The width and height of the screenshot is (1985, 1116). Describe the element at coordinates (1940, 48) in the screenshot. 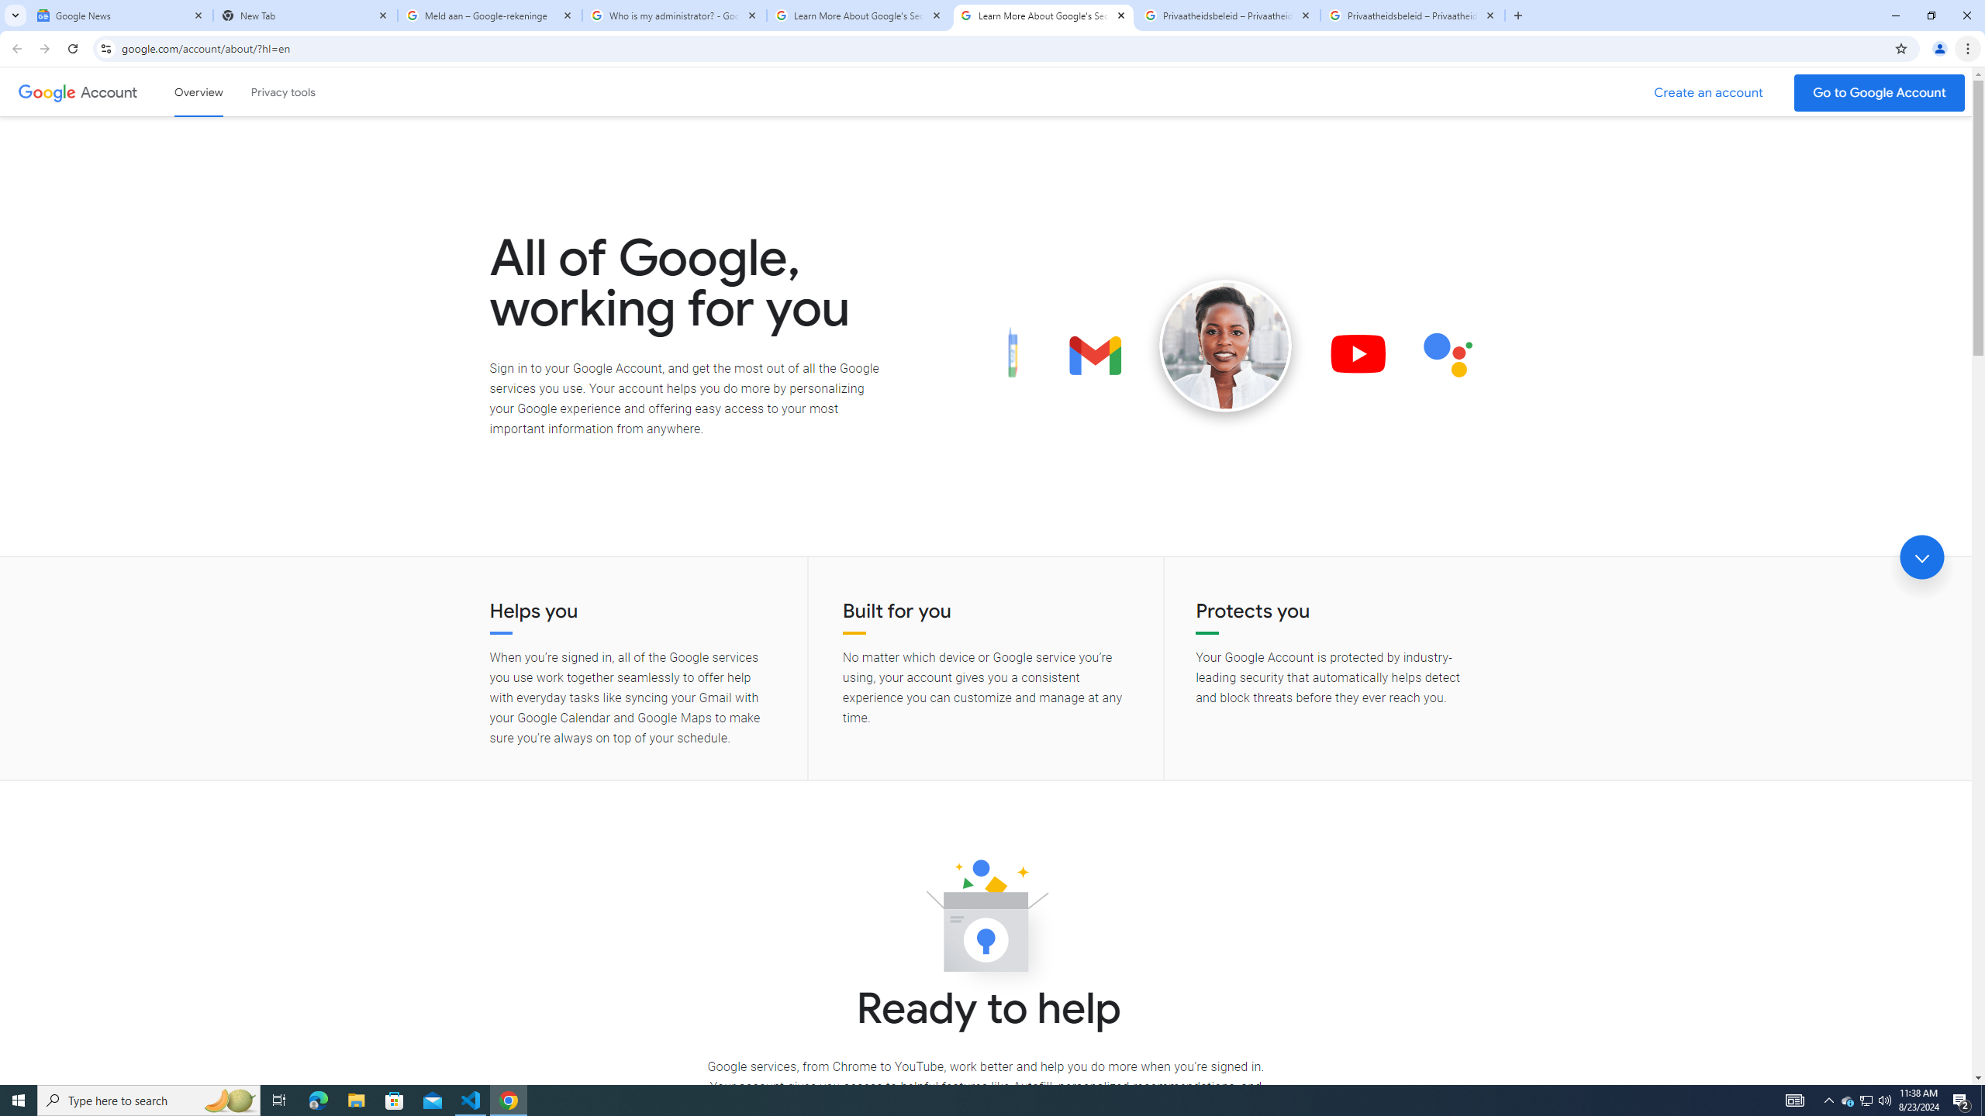

I see `'You'` at that location.